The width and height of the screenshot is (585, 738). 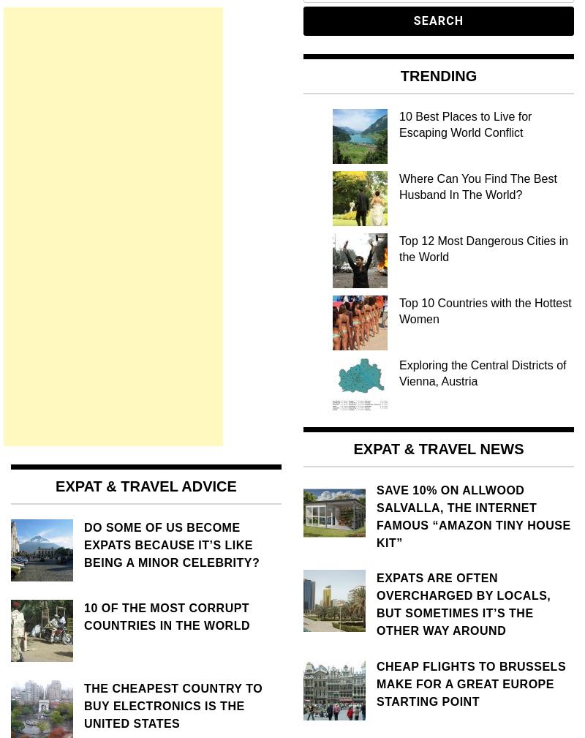 I want to click on 'Where Can You Find The Best Husband In The World?', so click(x=477, y=185).